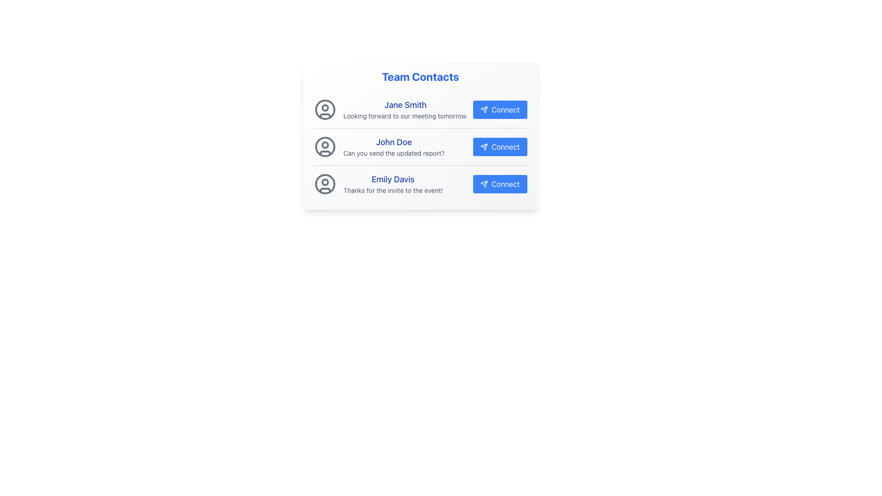  Describe the element at coordinates (325, 107) in the screenshot. I see `the small graphical circle located at the center of the profile icon next to 'Jane Smith' in the 'Team Contacts' section` at that location.